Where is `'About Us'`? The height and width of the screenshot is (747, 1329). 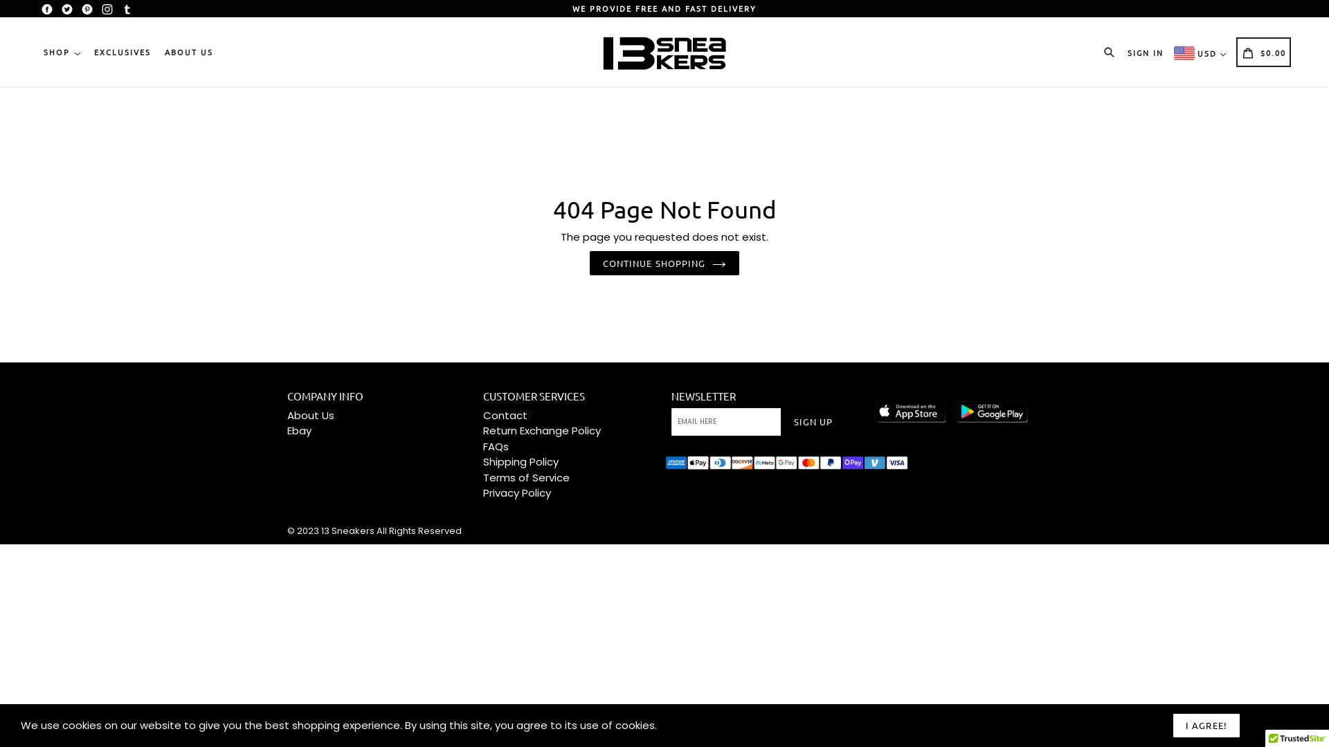
'About Us' is located at coordinates (286, 414).